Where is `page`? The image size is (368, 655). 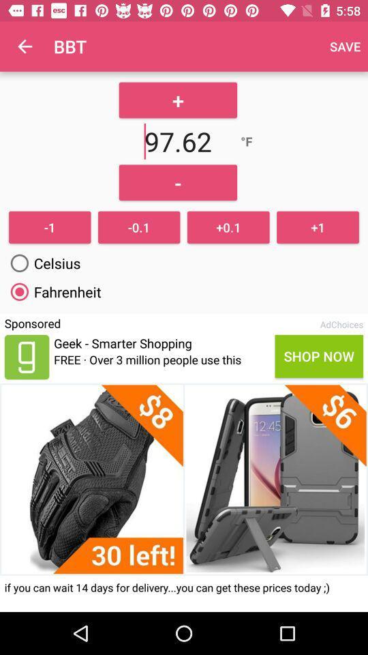 page is located at coordinates (27, 356).